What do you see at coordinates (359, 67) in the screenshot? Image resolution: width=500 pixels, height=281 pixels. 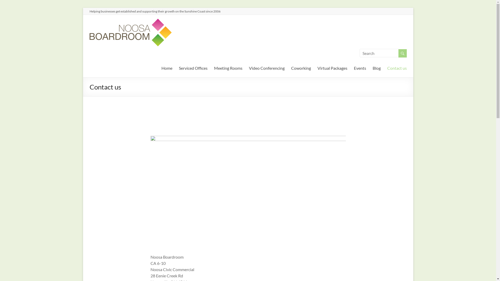 I see `'Events'` at bounding box center [359, 67].